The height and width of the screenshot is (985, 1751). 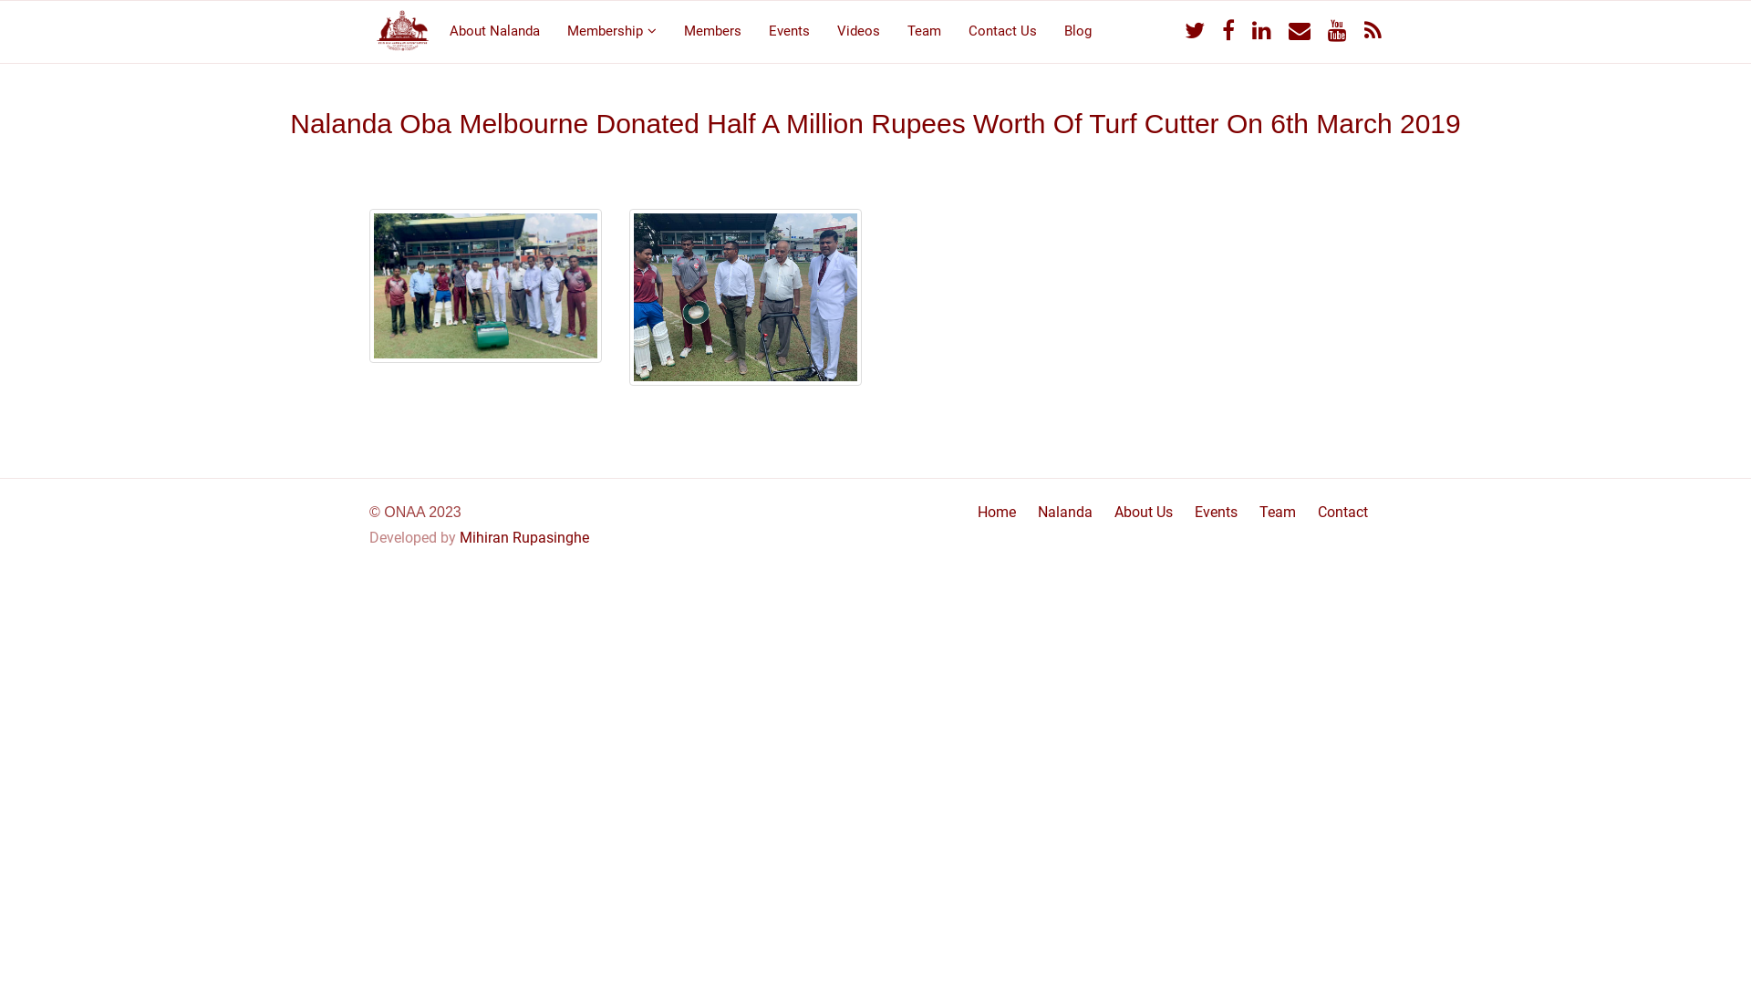 I want to click on 'Membership', so click(x=612, y=29).